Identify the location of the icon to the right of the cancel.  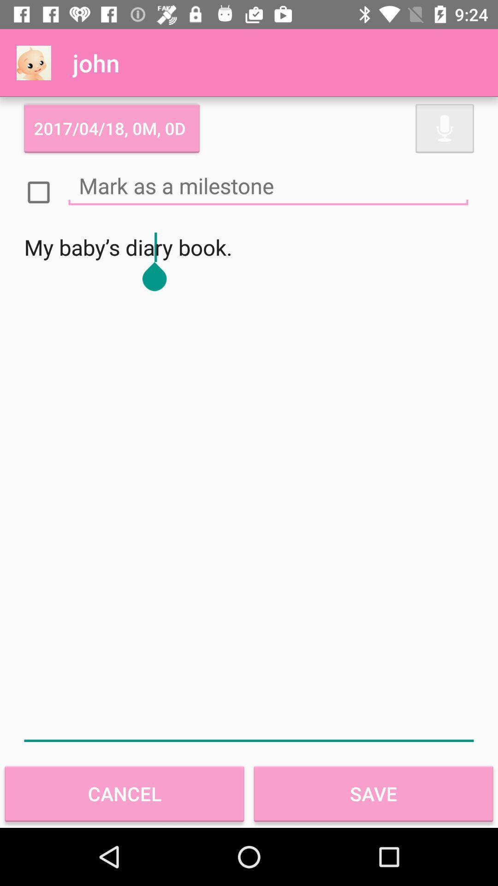
(373, 793).